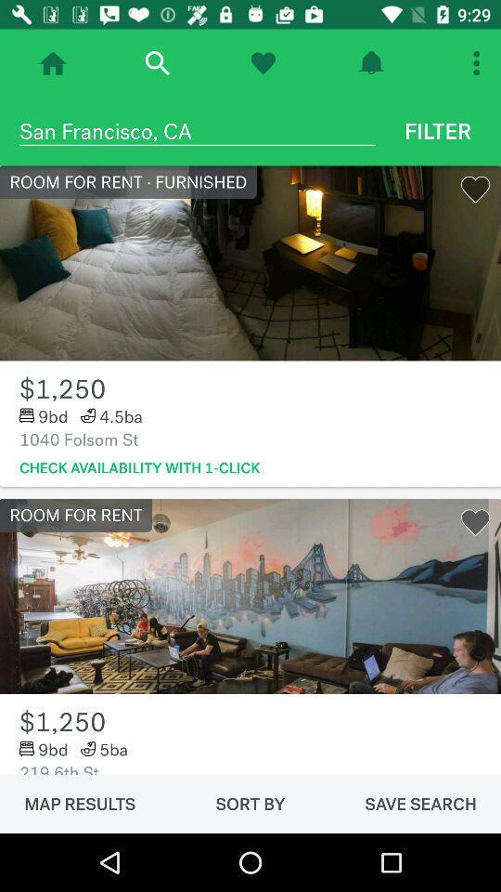  Describe the element at coordinates (262, 63) in the screenshot. I see `follow page` at that location.